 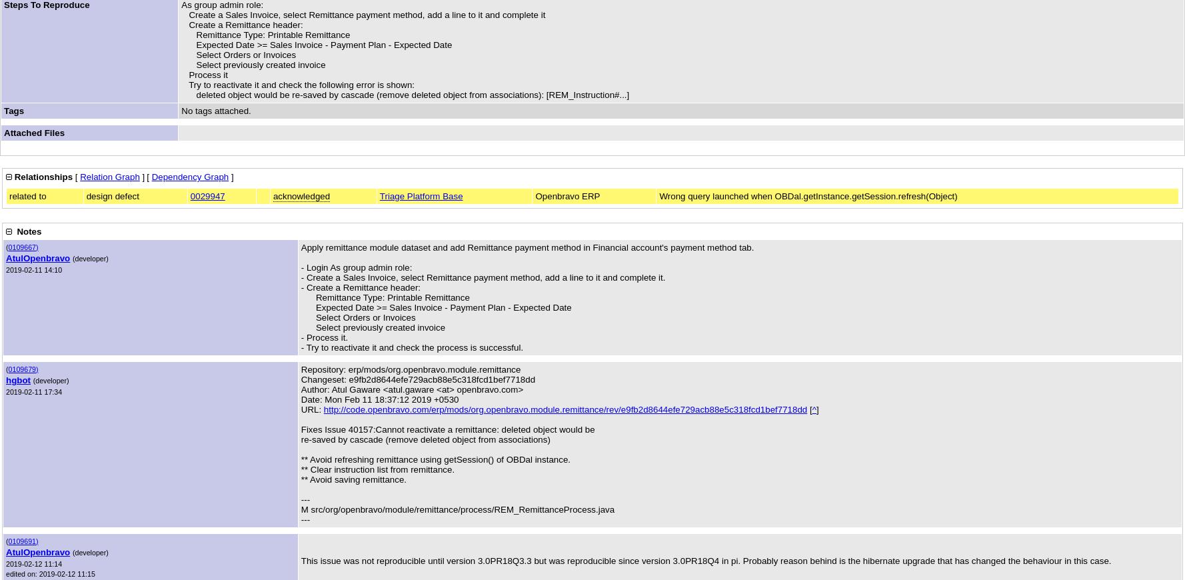 What do you see at coordinates (109, 177) in the screenshot?
I see `'Relation Graph'` at bounding box center [109, 177].